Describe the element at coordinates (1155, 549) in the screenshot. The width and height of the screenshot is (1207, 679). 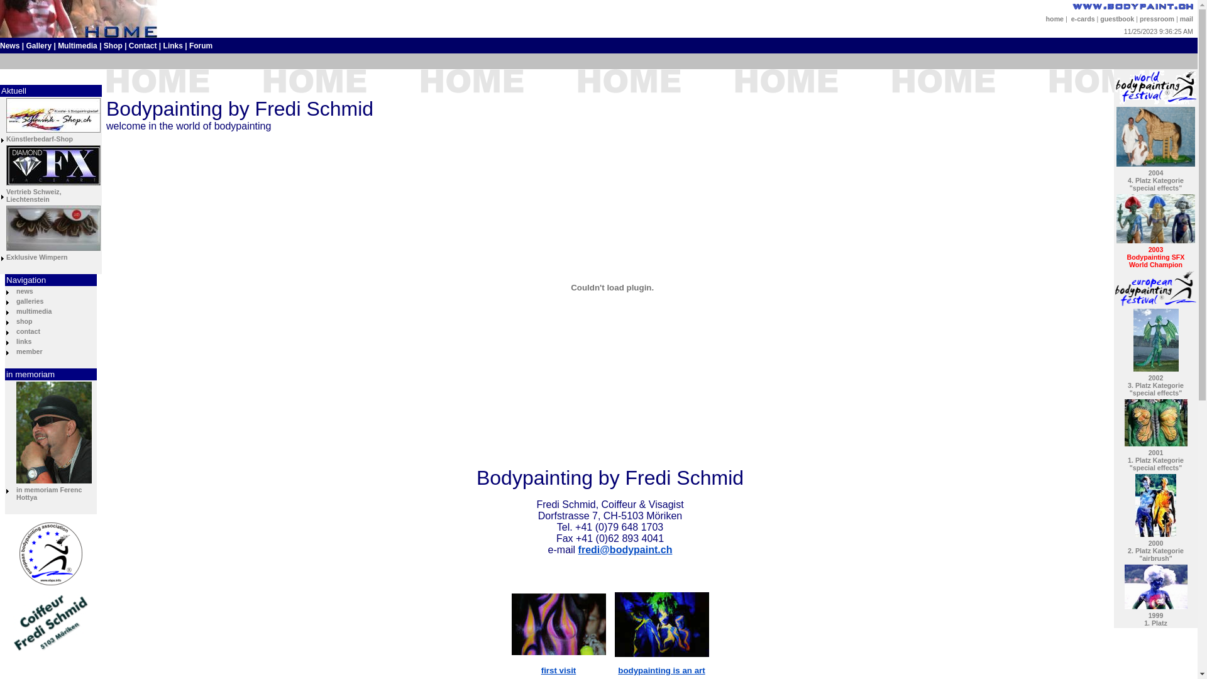
I see `'2000` at that location.